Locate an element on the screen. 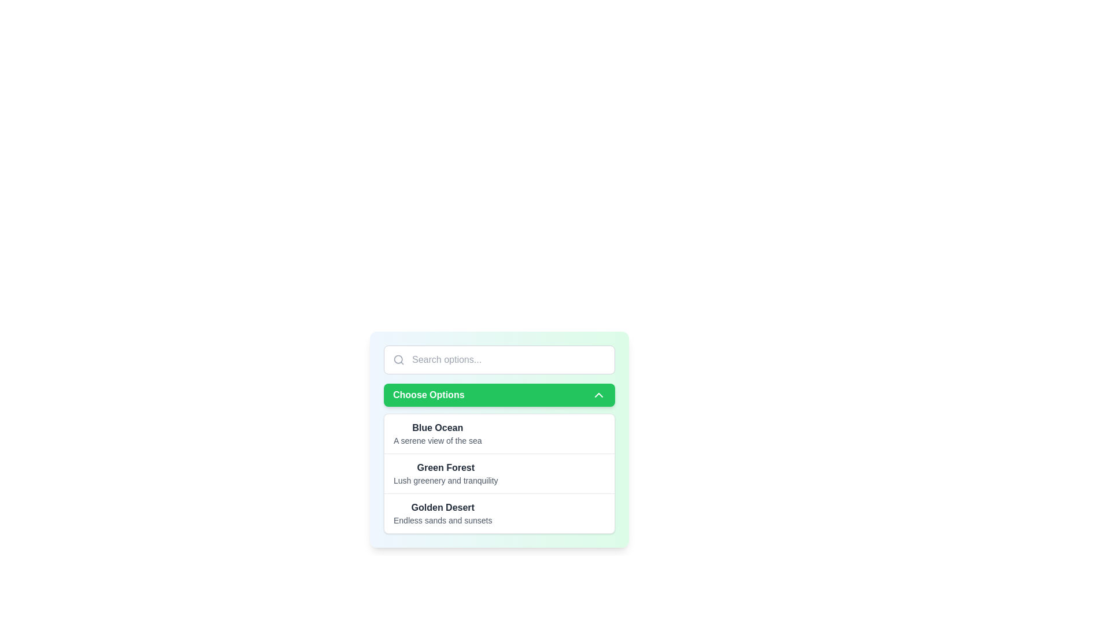  the dropdown menu item displaying 'Green Forest', which is the second item in the list below the 'Choose Options' button is located at coordinates (499, 474).